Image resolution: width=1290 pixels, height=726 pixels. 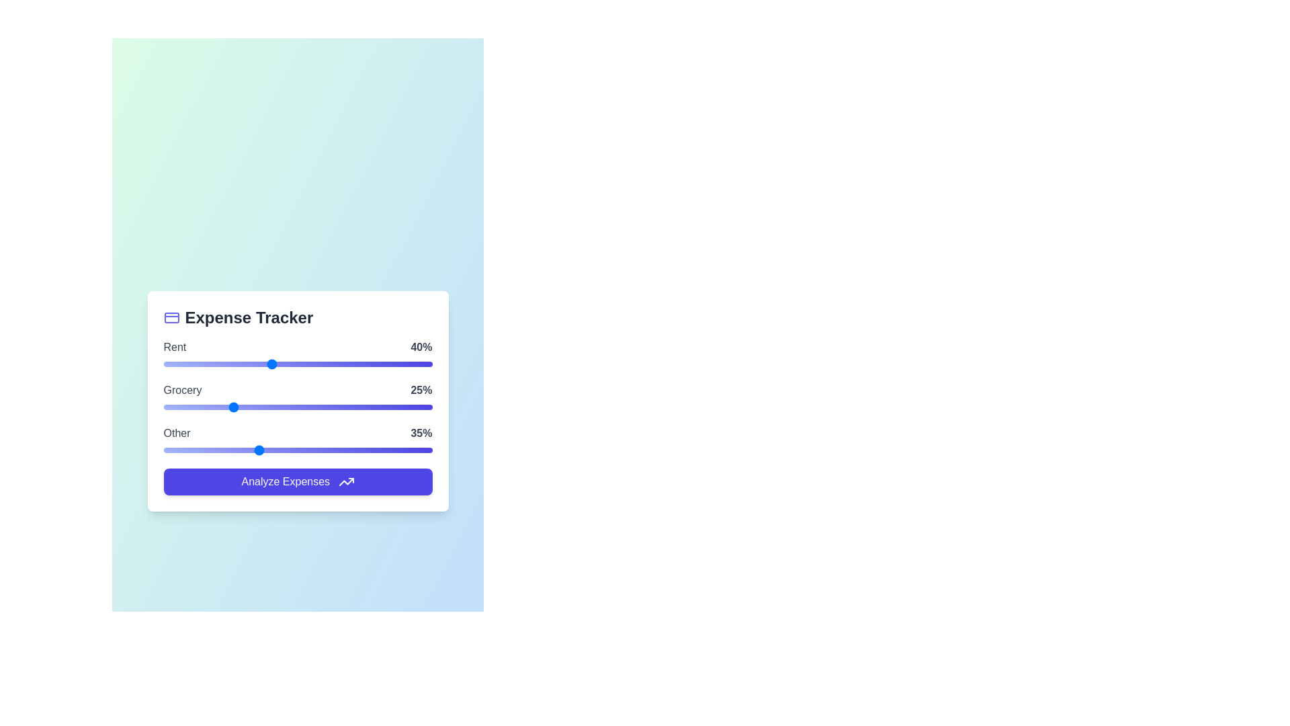 I want to click on the 'Grocery' slider to 69%, so click(x=349, y=406).